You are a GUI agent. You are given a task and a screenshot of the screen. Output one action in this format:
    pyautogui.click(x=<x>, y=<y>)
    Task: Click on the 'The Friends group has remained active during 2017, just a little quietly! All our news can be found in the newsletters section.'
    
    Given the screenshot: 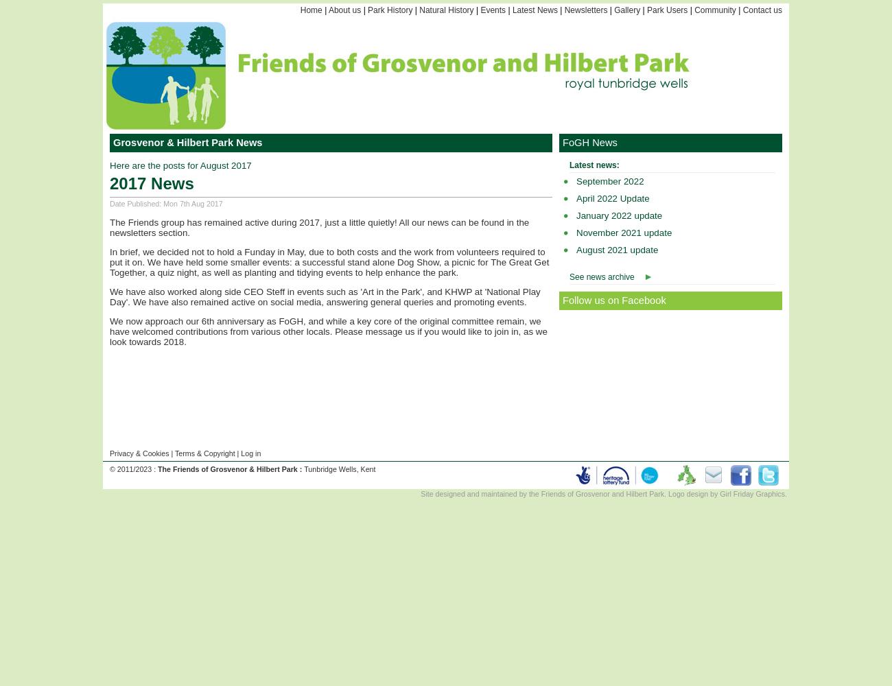 What is the action you would take?
    pyautogui.click(x=318, y=226)
    